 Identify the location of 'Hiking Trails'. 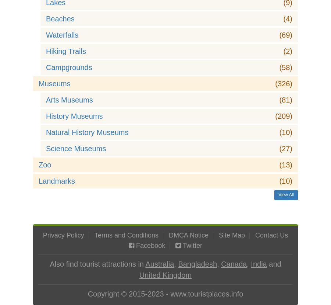
(66, 51).